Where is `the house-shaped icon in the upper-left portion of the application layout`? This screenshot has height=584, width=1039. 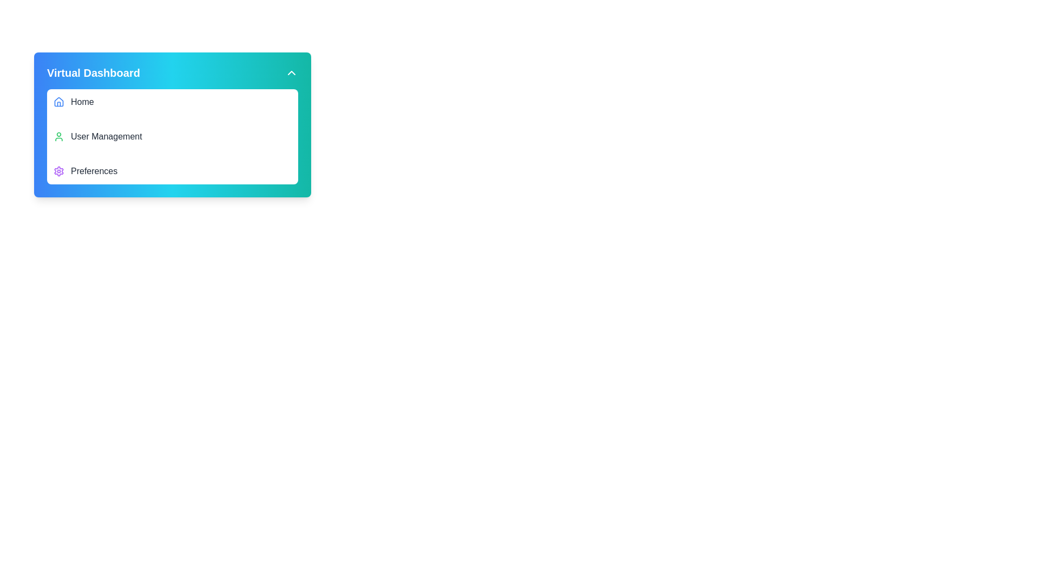 the house-shaped icon in the upper-left portion of the application layout is located at coordinates (58, 102).